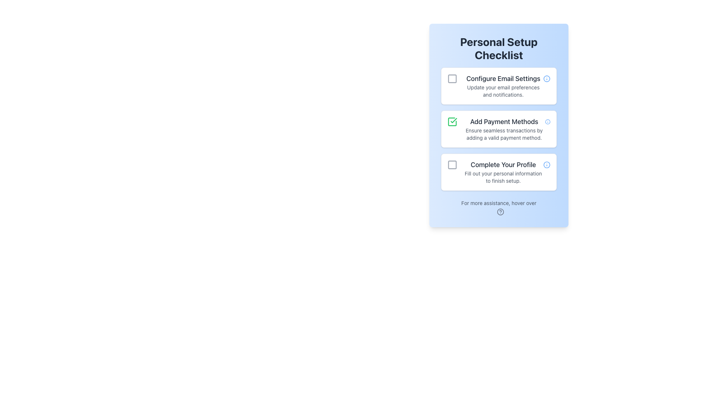 The width and height of the screenshot is (701, 394). Describe the element at coordinates (547, 79) in the screenshot. I see `the circular SVG graphic representing the information icon located in the top-right corner of the 'Configure Email Settings' checklist item` at that location.